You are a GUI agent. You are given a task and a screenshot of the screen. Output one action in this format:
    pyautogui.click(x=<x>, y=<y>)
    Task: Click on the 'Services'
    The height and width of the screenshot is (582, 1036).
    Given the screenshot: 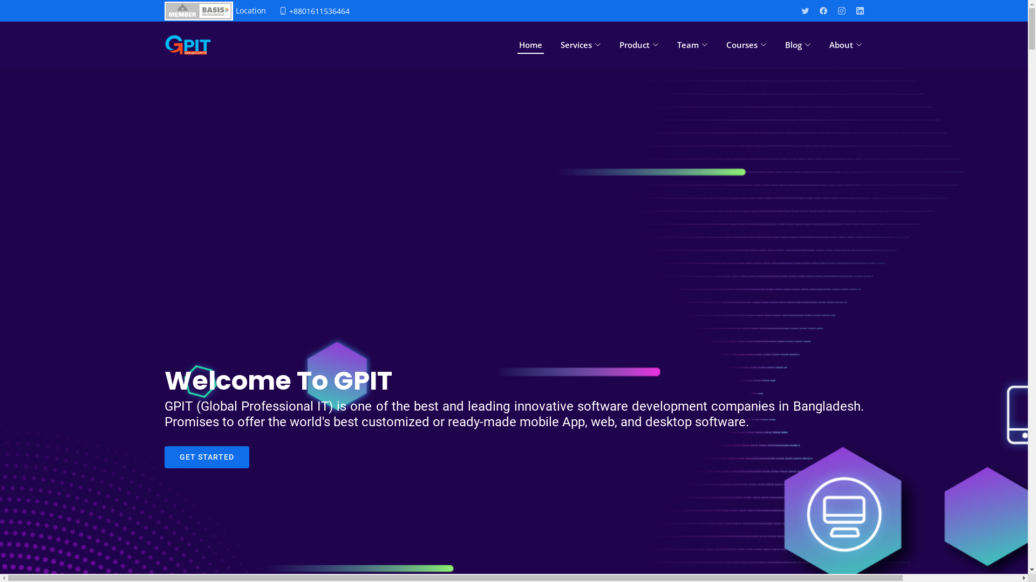 What is the action you would take?
    pyautogui.click(x=559, y=44)
    